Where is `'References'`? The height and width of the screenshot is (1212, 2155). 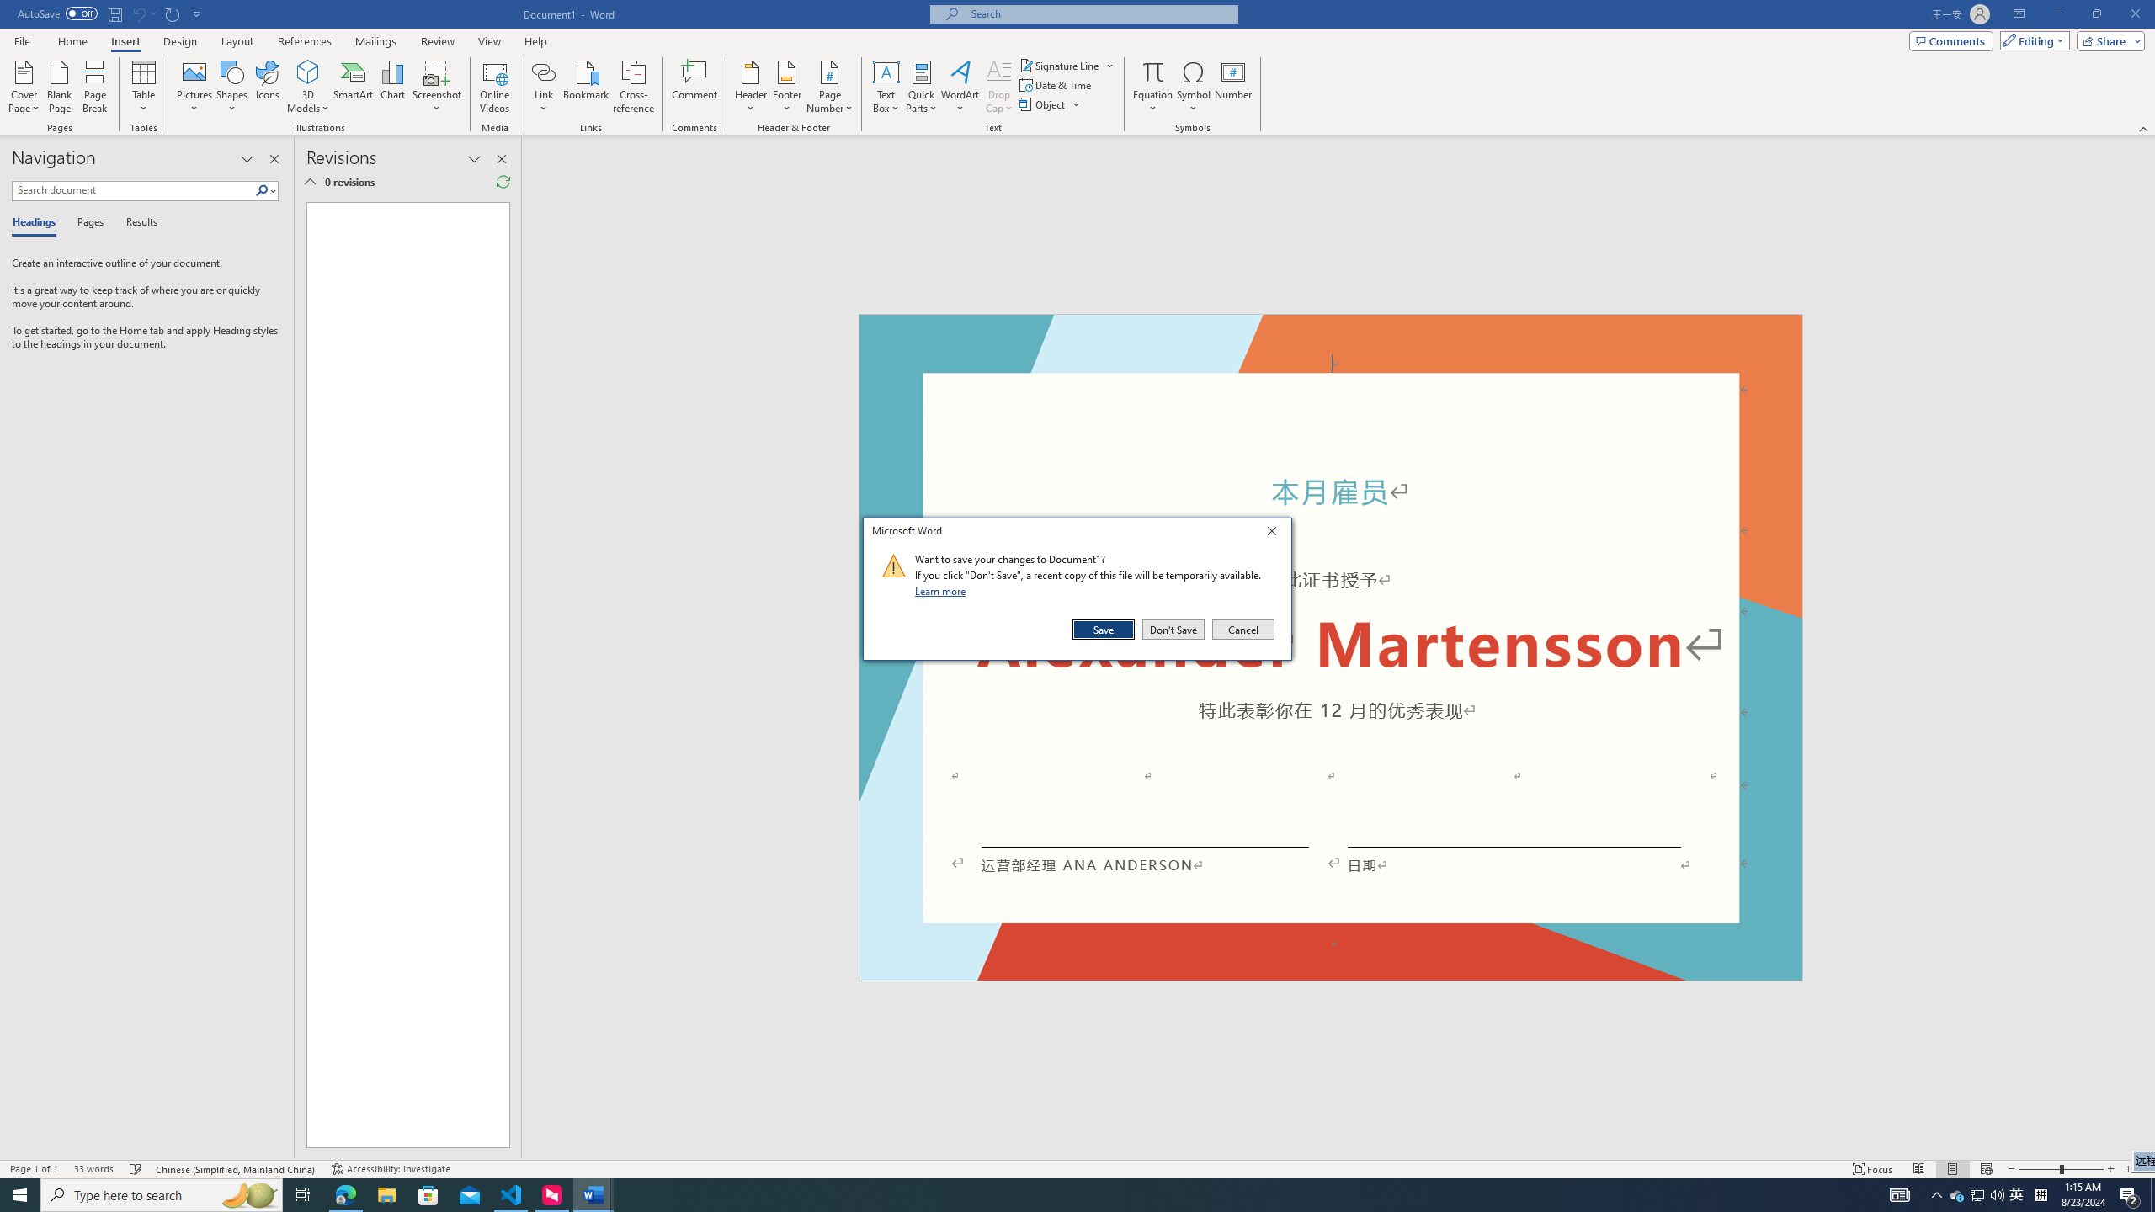 'References' is located at coordinates (305, 41).